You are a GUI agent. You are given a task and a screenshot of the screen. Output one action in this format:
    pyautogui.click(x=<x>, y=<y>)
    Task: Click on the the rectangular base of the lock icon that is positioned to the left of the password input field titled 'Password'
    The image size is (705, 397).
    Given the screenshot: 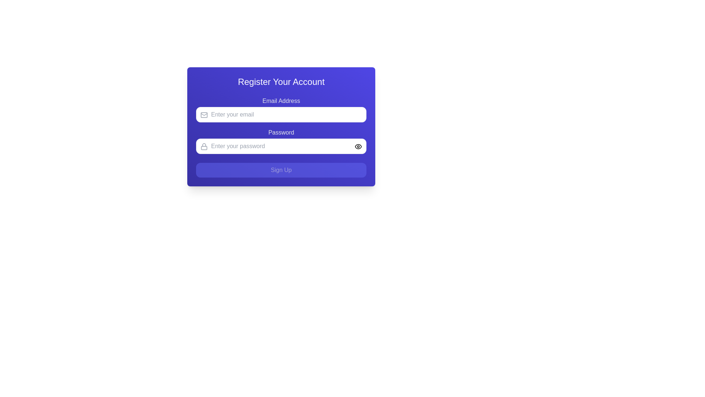 What is the action you would take?
    pyautogui.click(x=204, y=147)
    